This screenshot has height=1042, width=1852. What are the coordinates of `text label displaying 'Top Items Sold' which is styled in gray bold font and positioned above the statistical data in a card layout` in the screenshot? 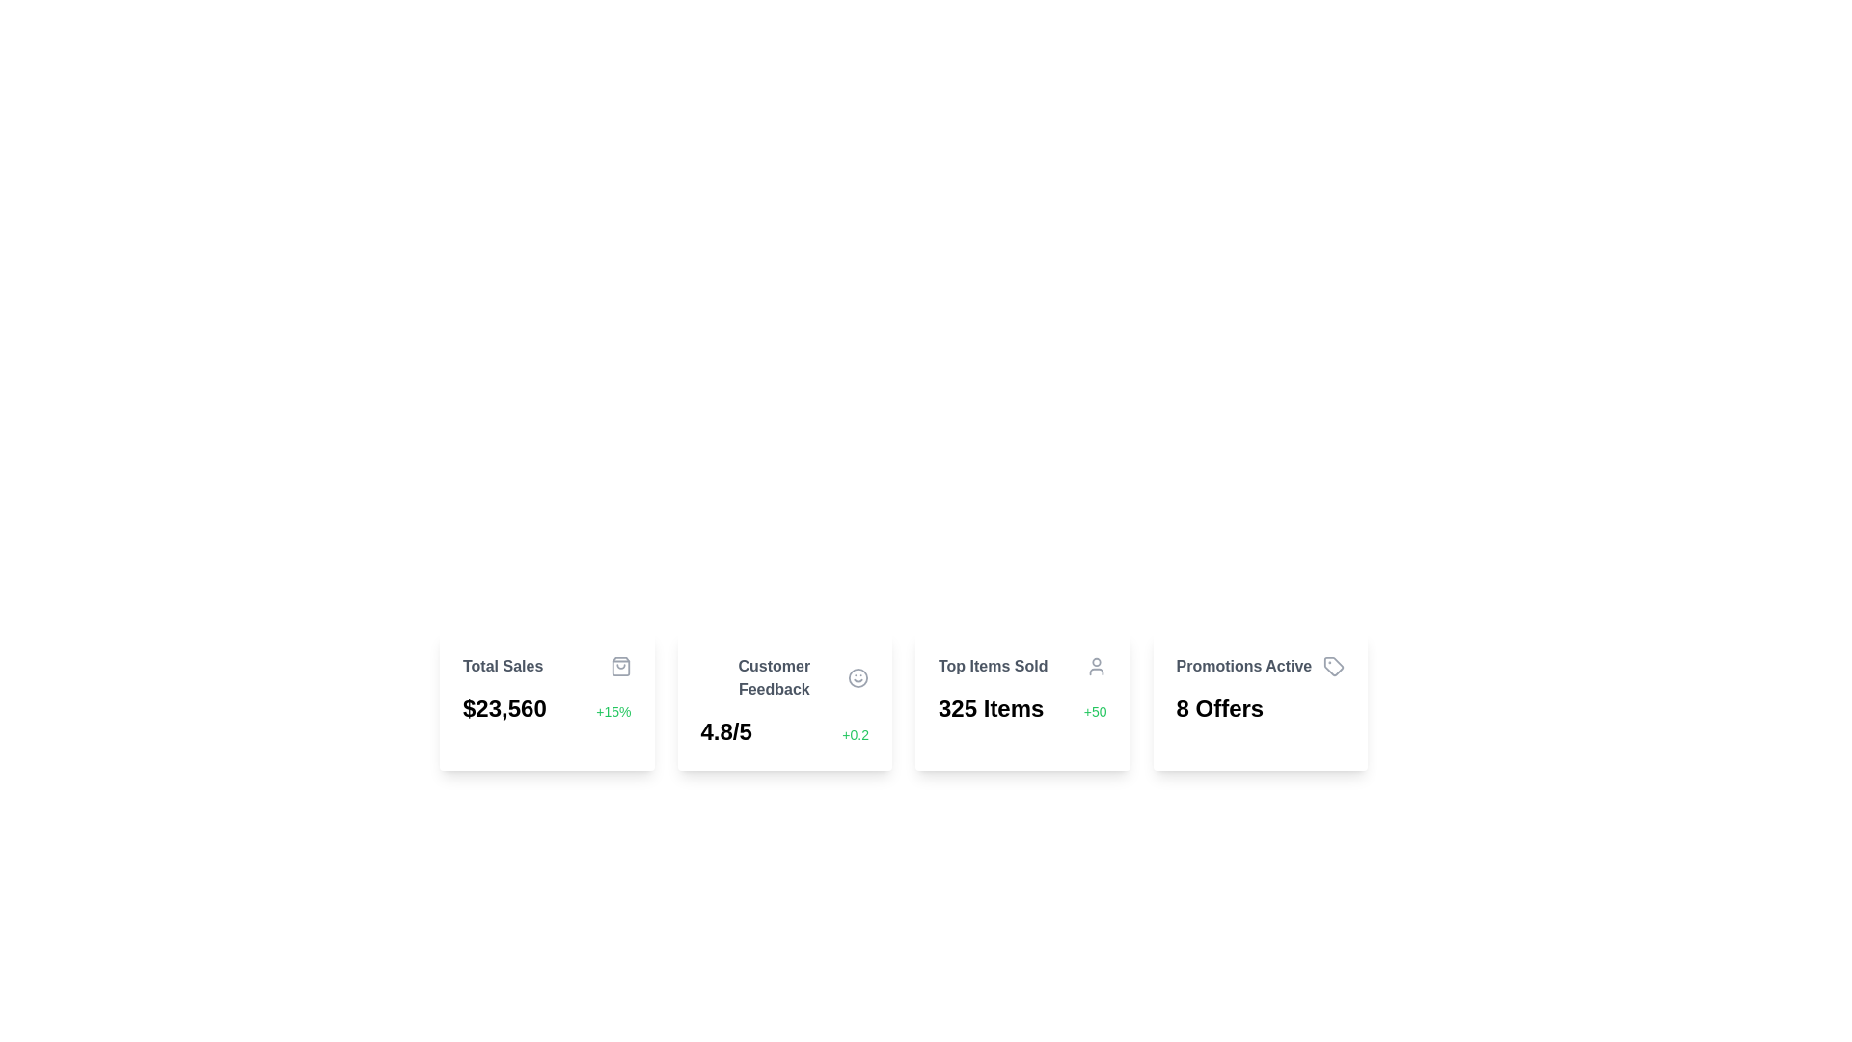 It's located at (993, 665).